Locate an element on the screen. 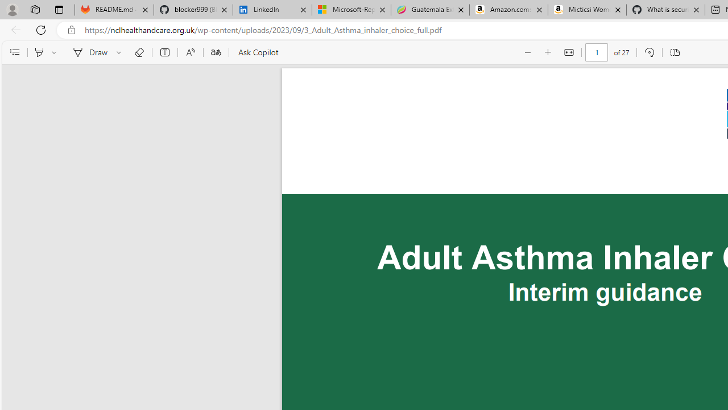  'Fit to width (Ctrl+\)' is located at coordinates (569, 52).